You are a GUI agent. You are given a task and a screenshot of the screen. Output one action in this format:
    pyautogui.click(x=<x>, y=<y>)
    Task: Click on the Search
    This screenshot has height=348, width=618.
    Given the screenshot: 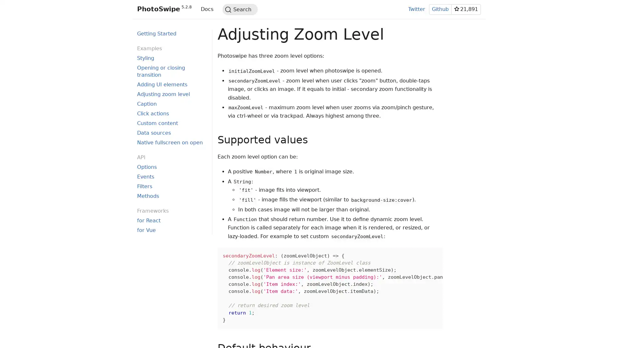 What is the action you would take?
    pyautogui.click(x=239, y=9)
    